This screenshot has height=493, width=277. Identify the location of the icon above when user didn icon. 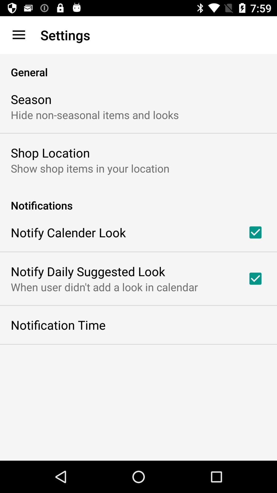
(87, 271).